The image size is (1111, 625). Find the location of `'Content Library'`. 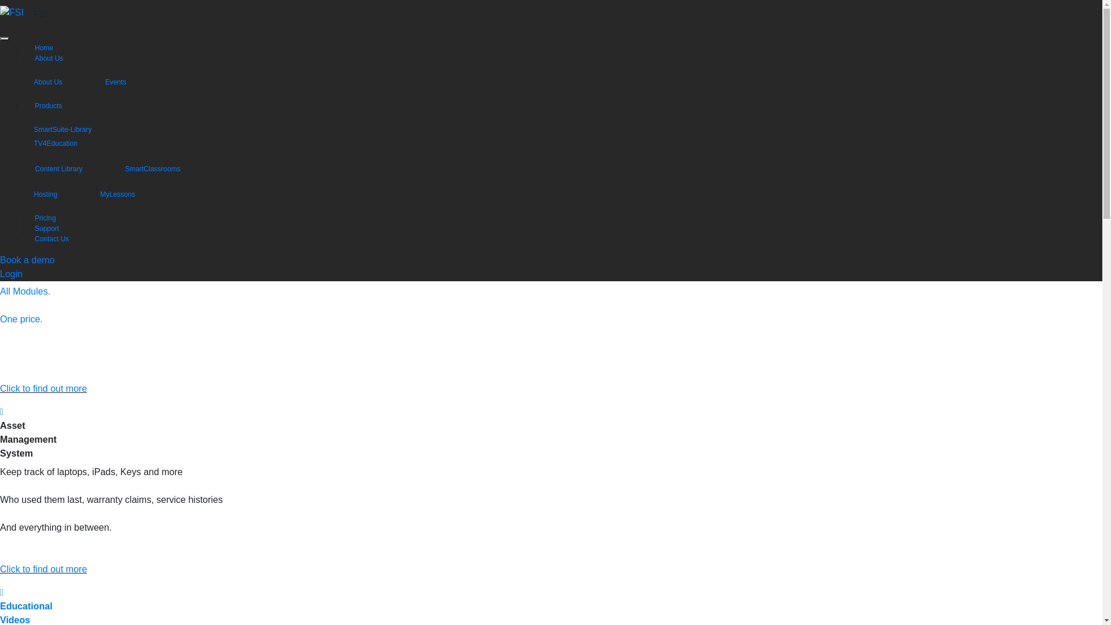

'Content Library' is located at coordinates (69, 168).